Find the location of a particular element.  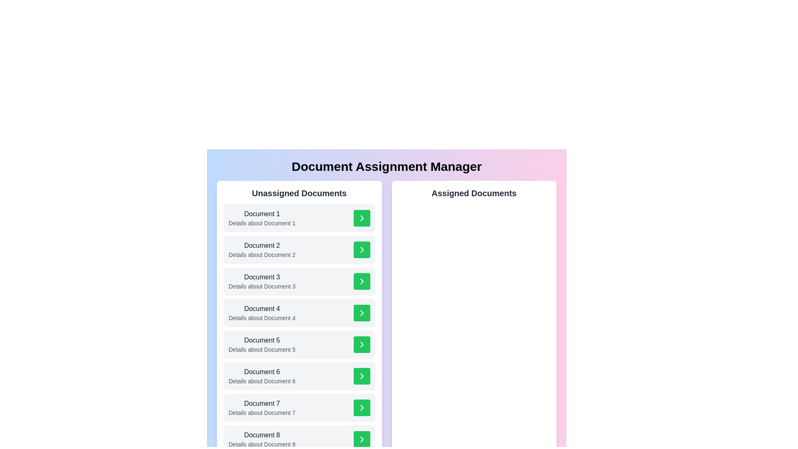

title and brief description of the first document in the 'Unassigned Documents' list, which is displayed in a text block on the left side of the 'Document Assignment Manager' interface is located at coordinates (261, 217).